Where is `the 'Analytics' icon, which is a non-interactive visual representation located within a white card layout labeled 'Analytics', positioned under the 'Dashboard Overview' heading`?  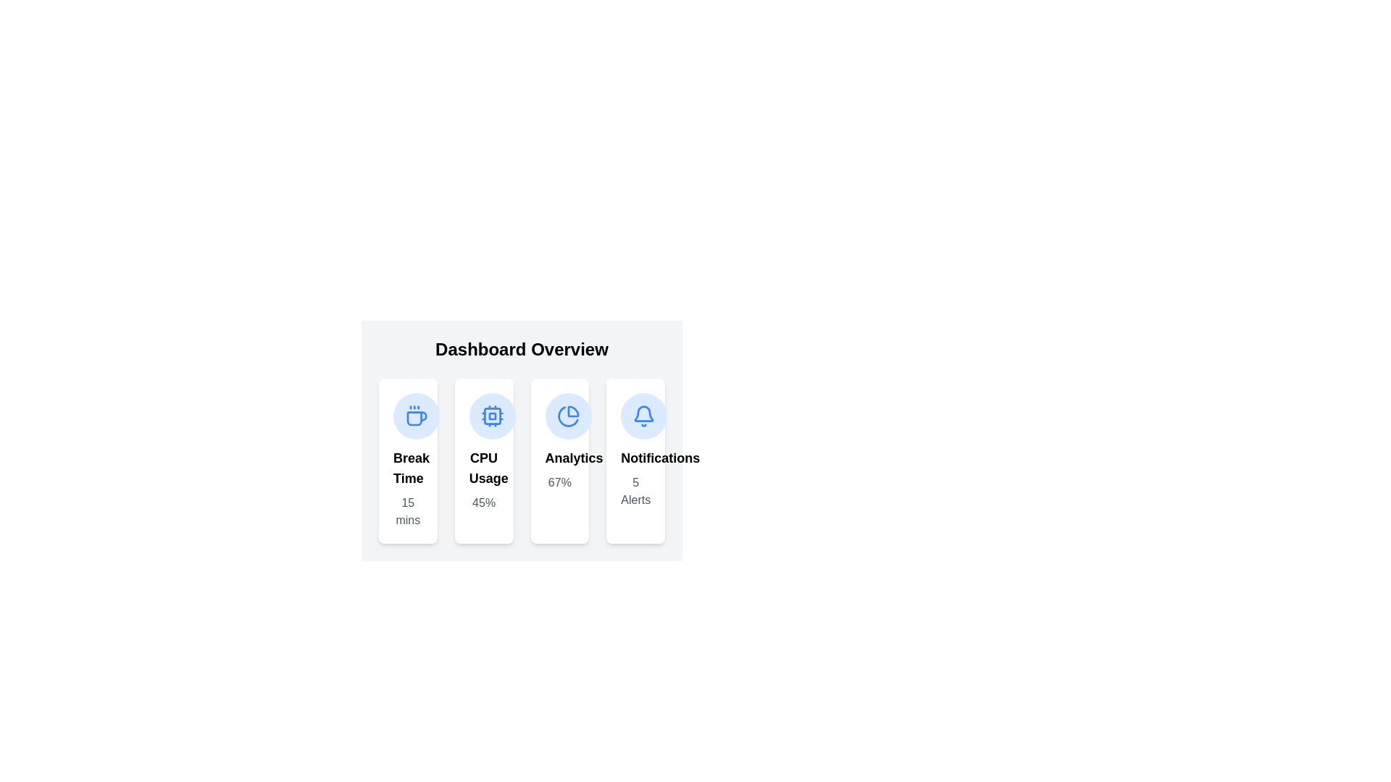 the 'Analytics' icon, which is a non-interactive visual representation located within a white card layout labeled 'Analytics', positioned under the 'Dashboard Overview' heading is located at coordinates (567, 416).